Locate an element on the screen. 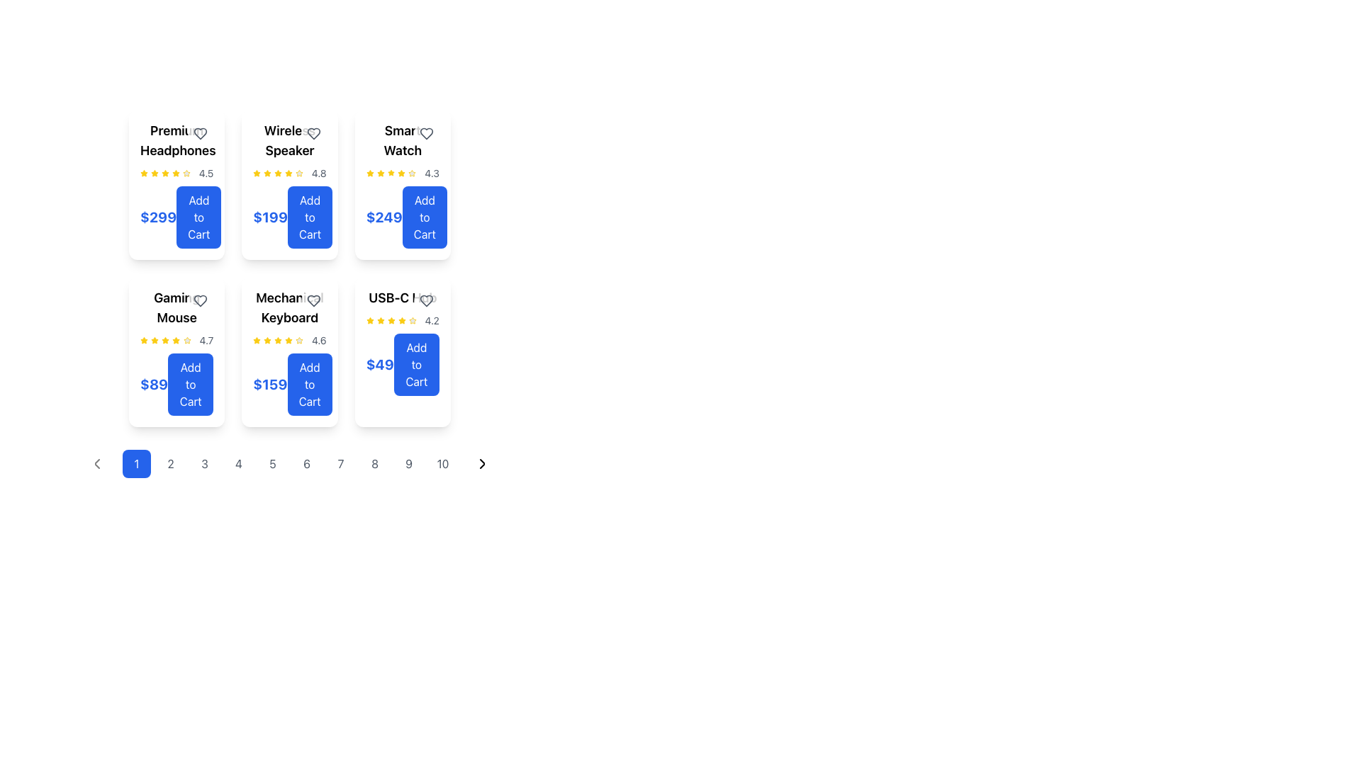 This screenshot has height=765, width=1361. the circular button displaying the number '4' is located at coordinates (238, 464).